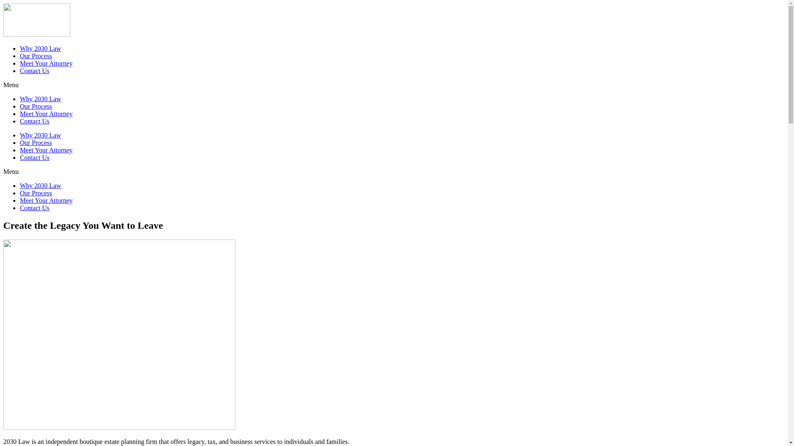 This screenshot has height=446, width=794. I want to click on 'Meet Your Attorney', so click(45, 200).